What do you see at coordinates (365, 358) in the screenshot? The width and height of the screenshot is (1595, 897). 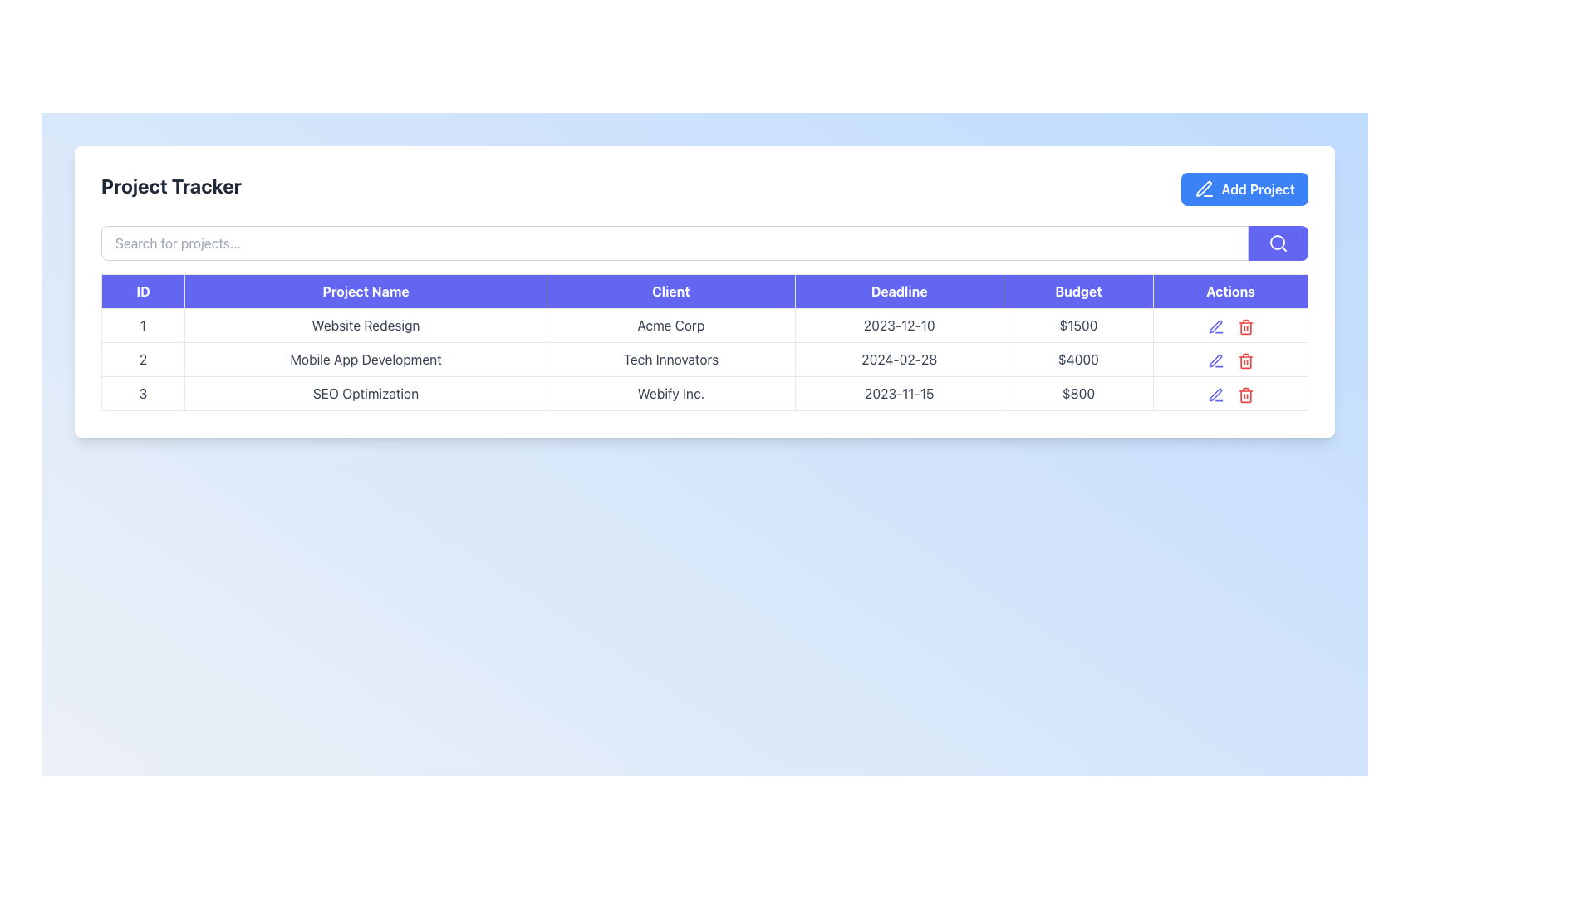 I see `to select the row containing the project name 'Mobile App Development' in the project tracker table` at bounding box center [365, 358].